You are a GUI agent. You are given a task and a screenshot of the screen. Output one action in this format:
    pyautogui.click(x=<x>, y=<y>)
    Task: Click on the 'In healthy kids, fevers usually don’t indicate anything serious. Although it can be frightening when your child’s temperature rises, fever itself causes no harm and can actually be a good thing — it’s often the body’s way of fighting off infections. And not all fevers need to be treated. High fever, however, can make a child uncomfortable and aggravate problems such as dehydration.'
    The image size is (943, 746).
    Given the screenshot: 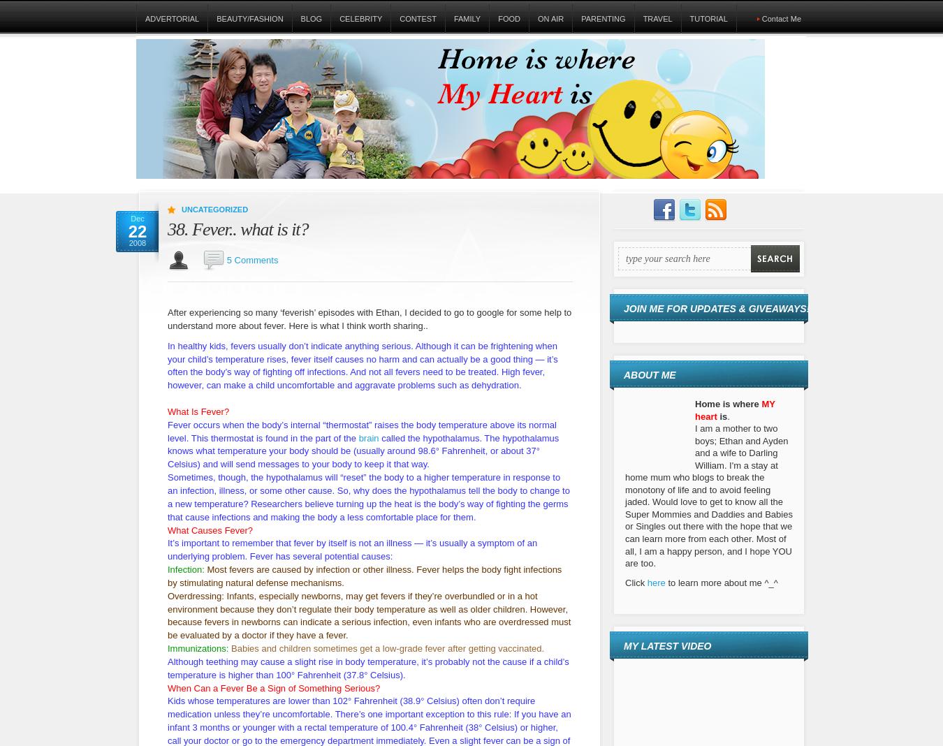 What is the action you would take?
    pyautogui.click(x=361, y=365)
    